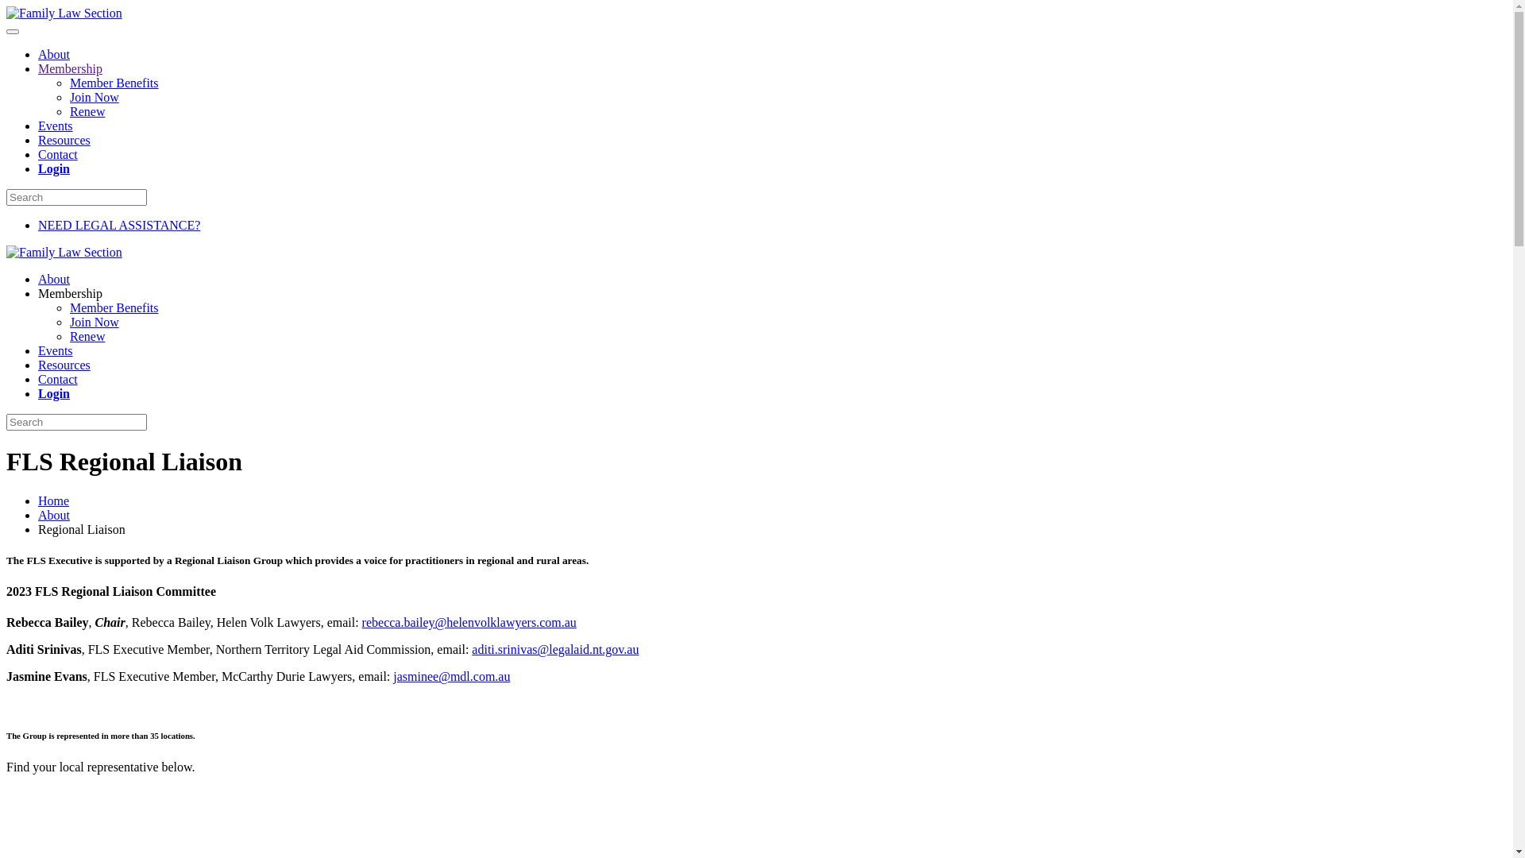  Describe the element at coordinates (118, 225) in the screenshot. I see `'NEED LEGAL ASSISTANCE?'` at that location.